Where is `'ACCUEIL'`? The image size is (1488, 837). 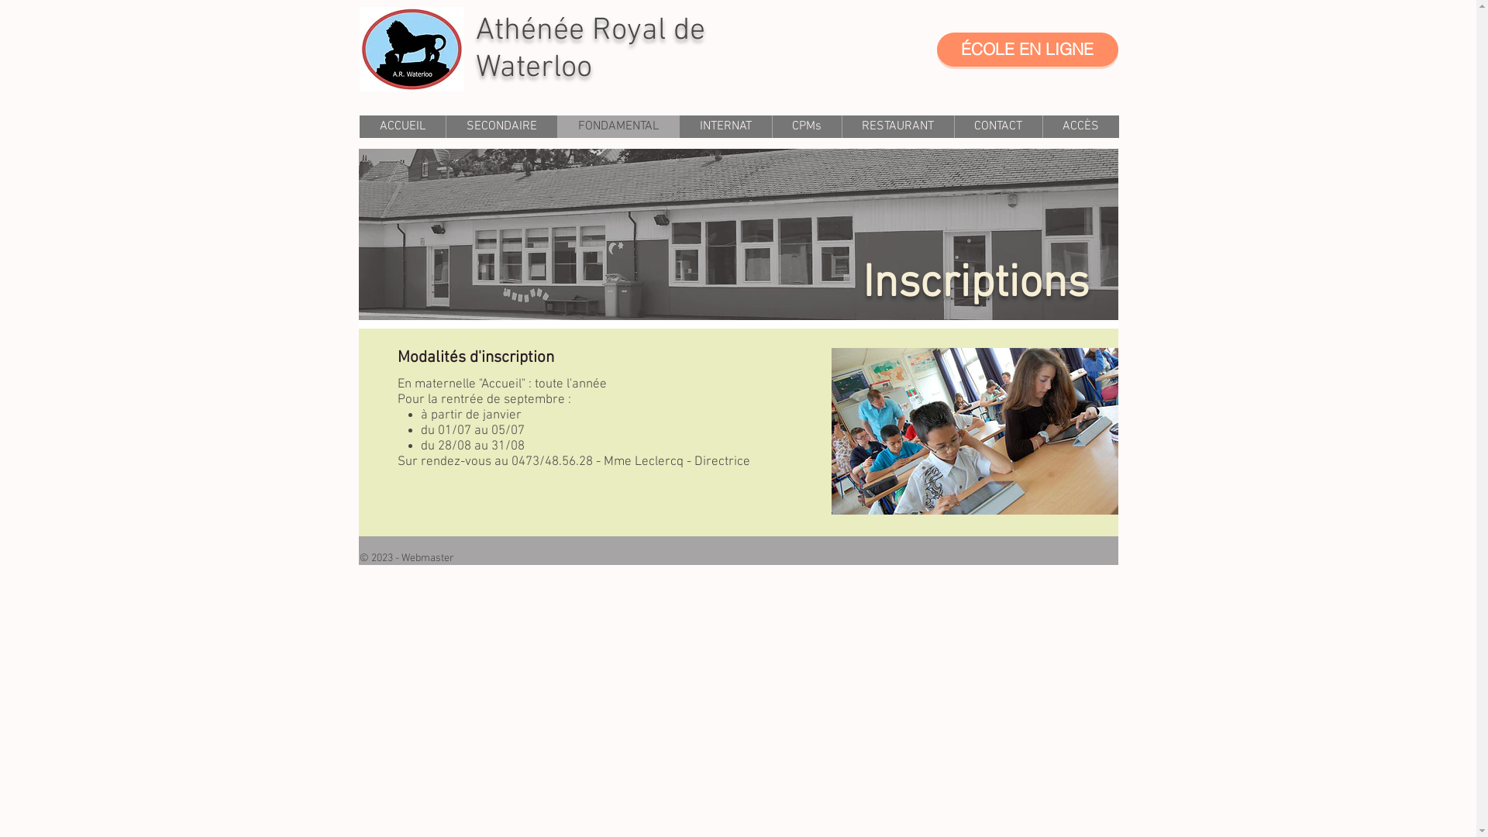 'ACCUEIL' is located at coordinates (402, 126).